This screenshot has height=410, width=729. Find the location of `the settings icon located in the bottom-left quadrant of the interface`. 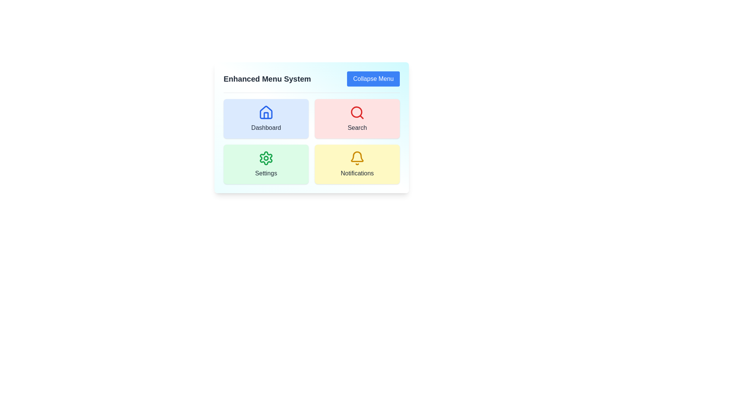

the settings icon located in the bottom-left quadrant of the interface is located at coordinates (266, 158).